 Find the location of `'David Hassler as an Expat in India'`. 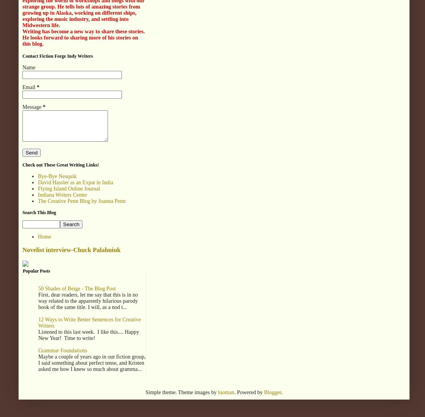

'David Hassler as an Expat in India' is located at coordinates (75, 182).